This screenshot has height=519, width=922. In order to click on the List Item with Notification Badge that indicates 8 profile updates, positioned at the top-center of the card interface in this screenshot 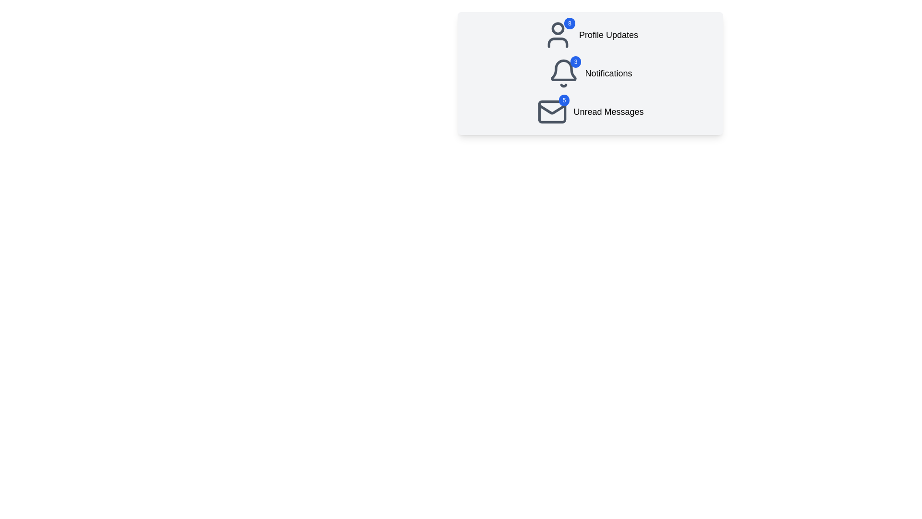, I will do `click(590, 35)`.